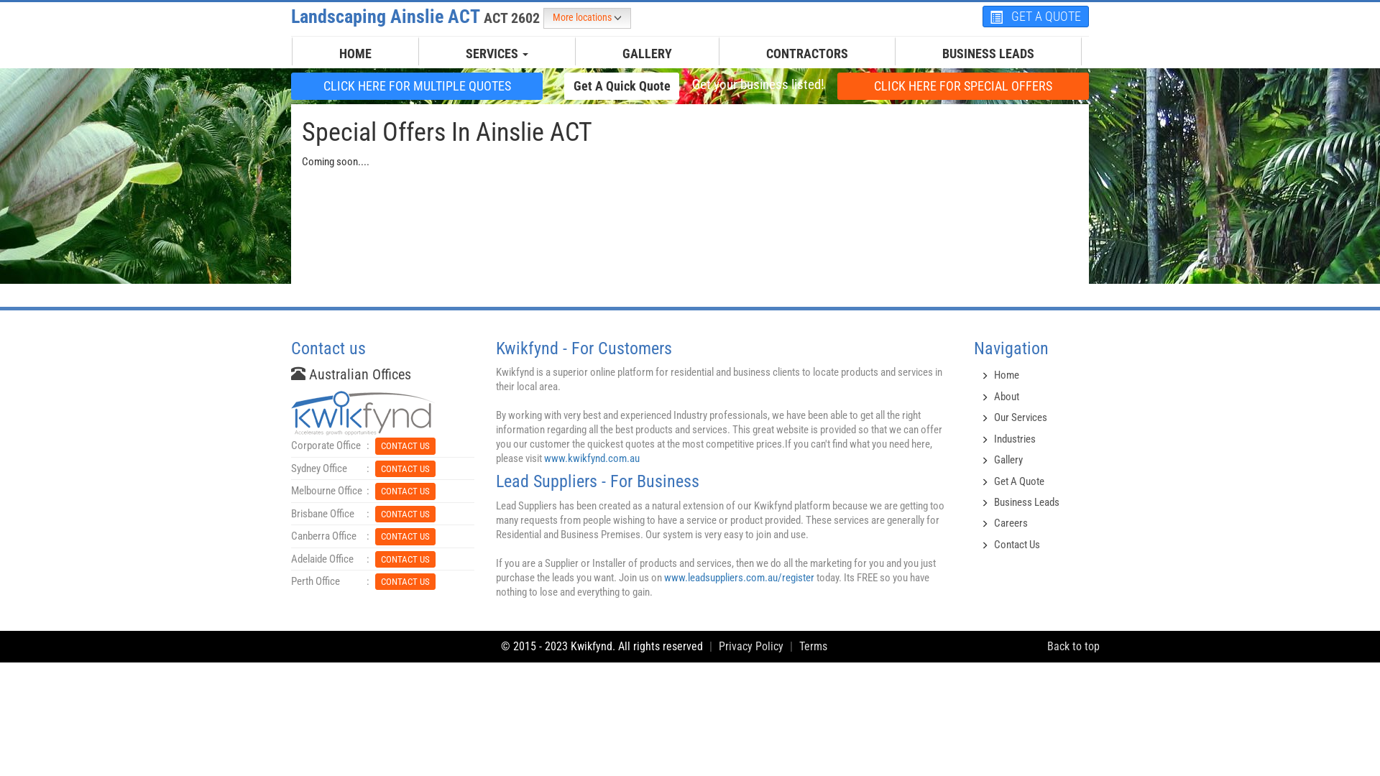 Image resolution: width=1380 pixels, height=776 pixels. What do you see at coordinates (355, 52) in the screenshot?
I see `'HOME'` at bounding box center [355, 52].